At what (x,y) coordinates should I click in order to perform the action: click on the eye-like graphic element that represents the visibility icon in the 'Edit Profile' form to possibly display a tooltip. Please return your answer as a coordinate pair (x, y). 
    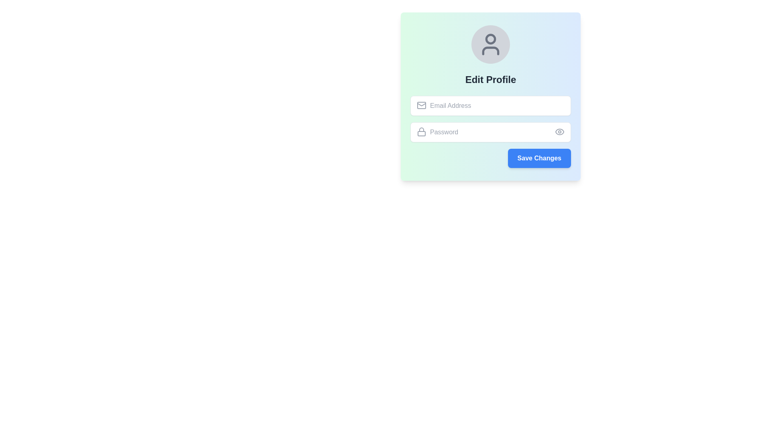
    Looking at the image, I should click on (559, 131).